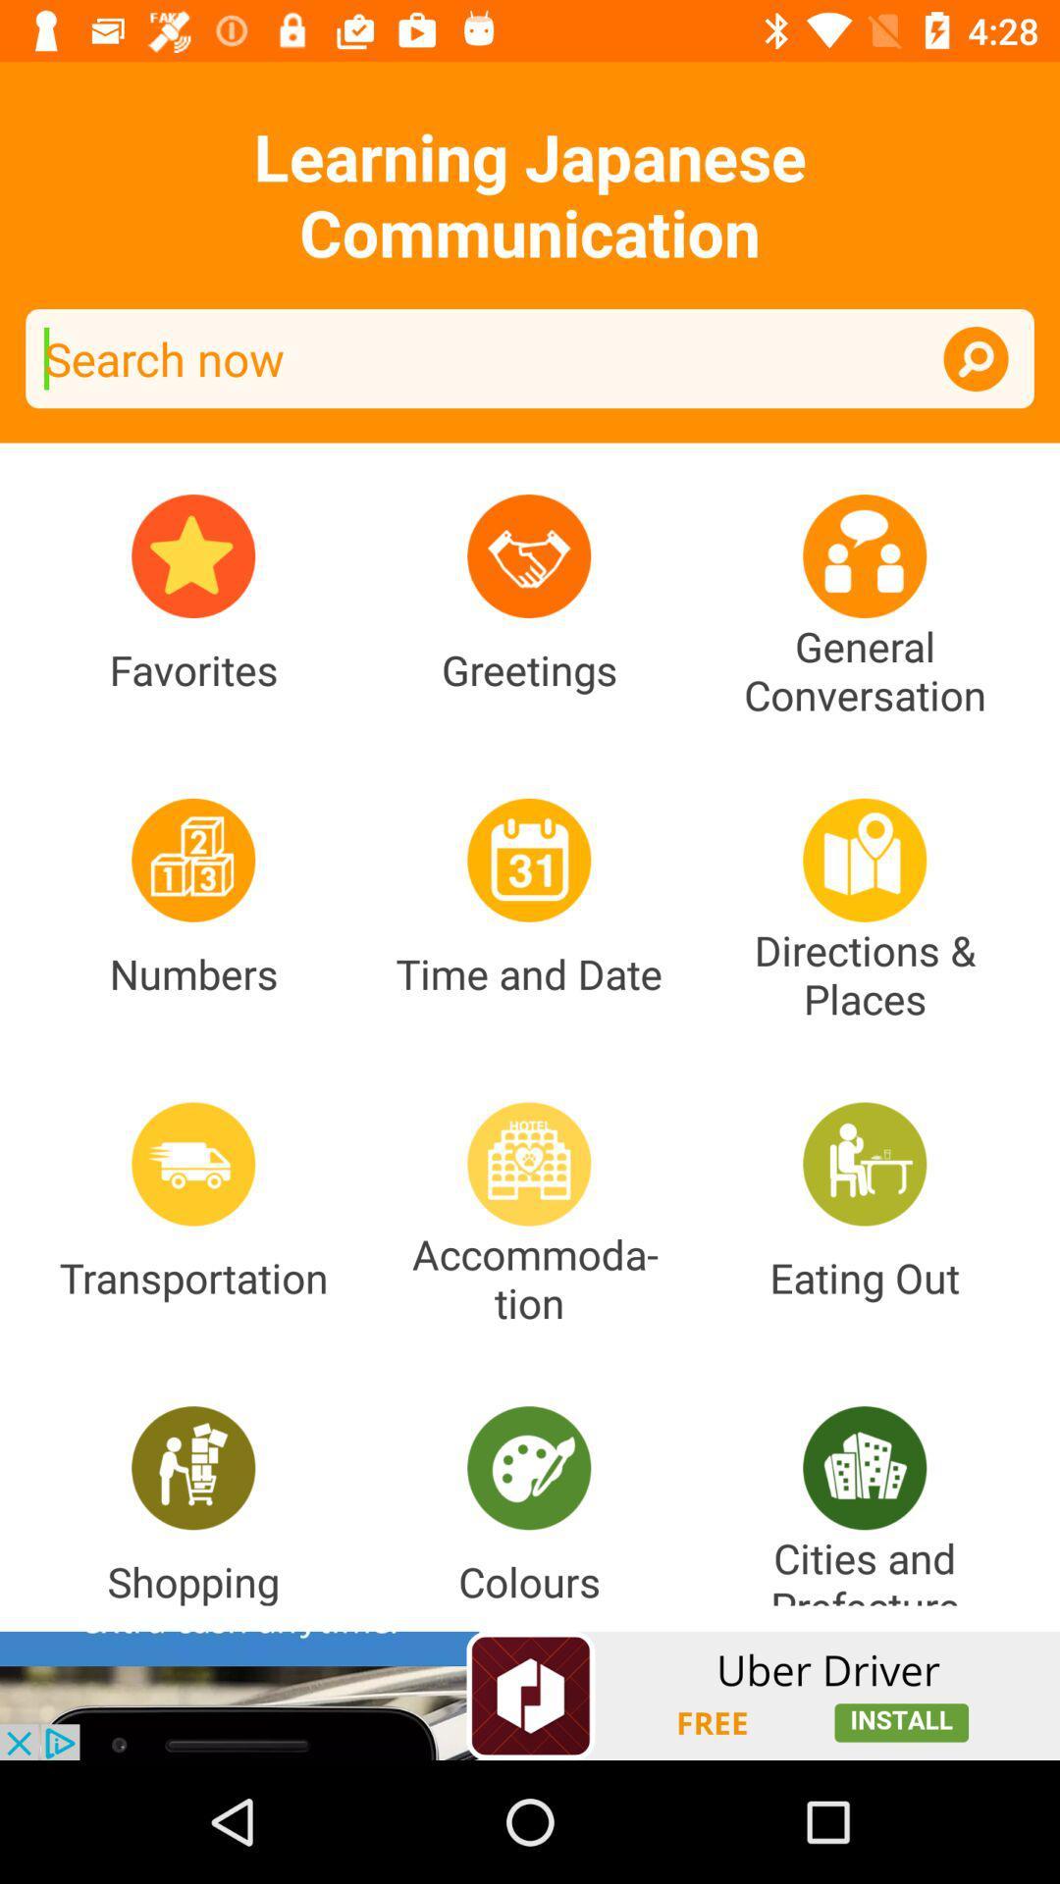 This screenshot has width=1060, height=1884. Describe the element at coordinates (976, 358) in the screenshot. I see `to activate the search option` at that location.